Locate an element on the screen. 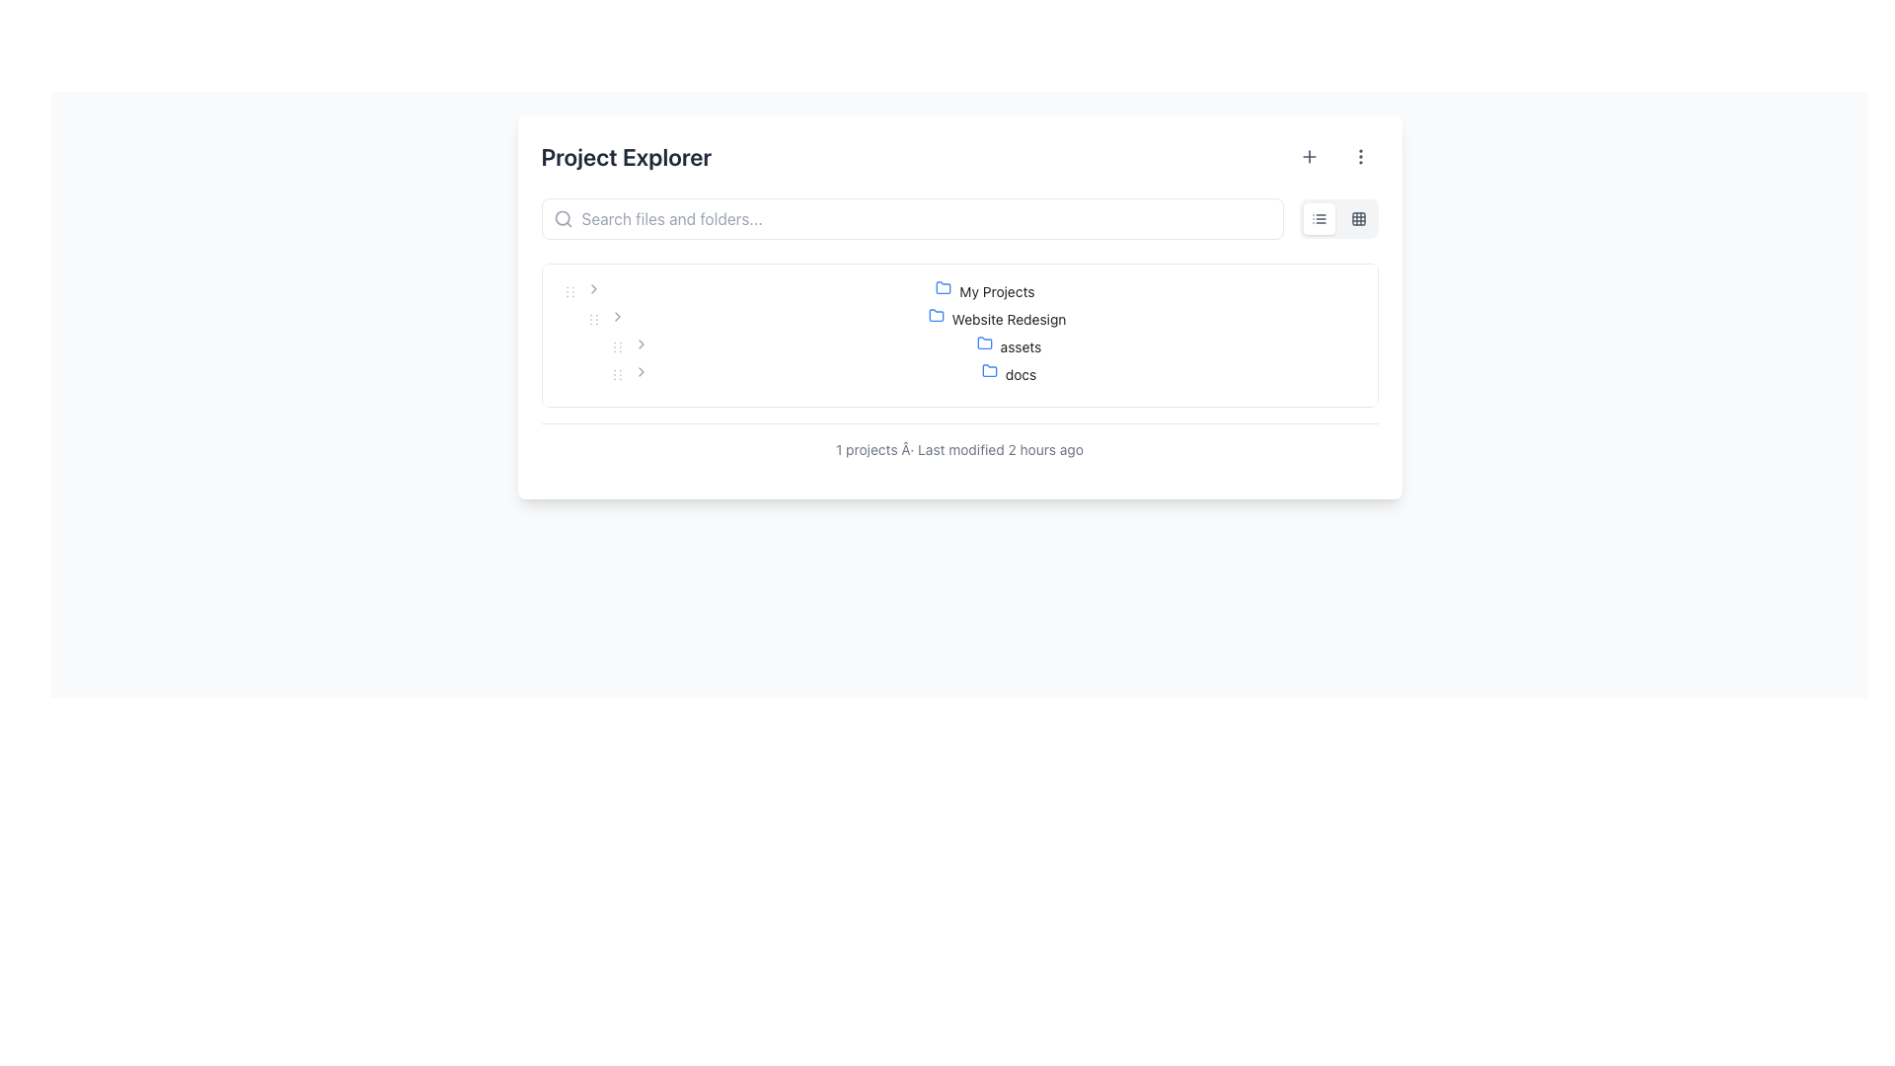 This screenshot has height=1066, width=1895. the folder icon is located at coordinates (993, 375).